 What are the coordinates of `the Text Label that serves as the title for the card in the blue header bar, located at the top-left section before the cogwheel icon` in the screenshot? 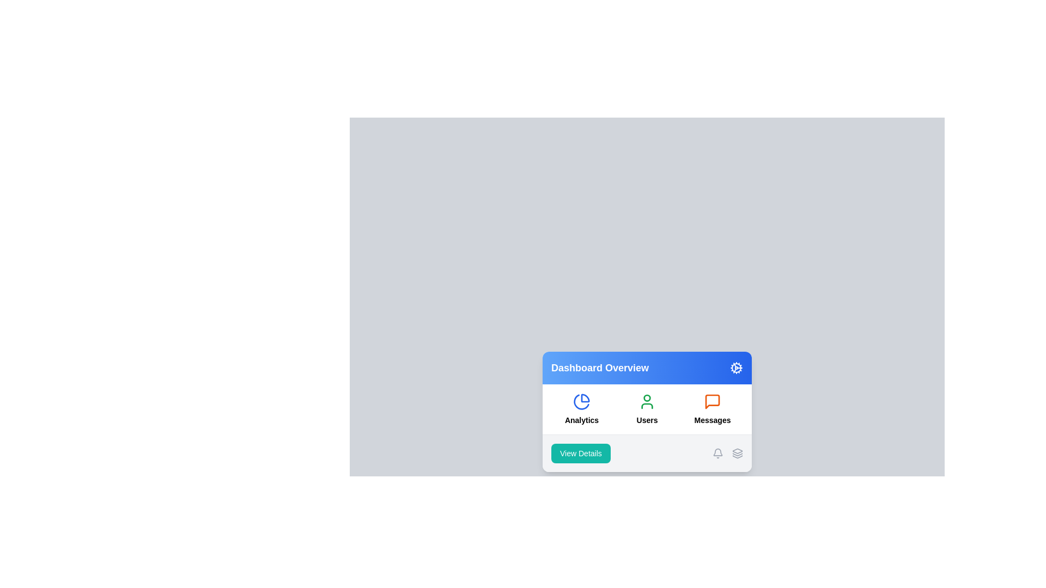 It's located at (599, 367).